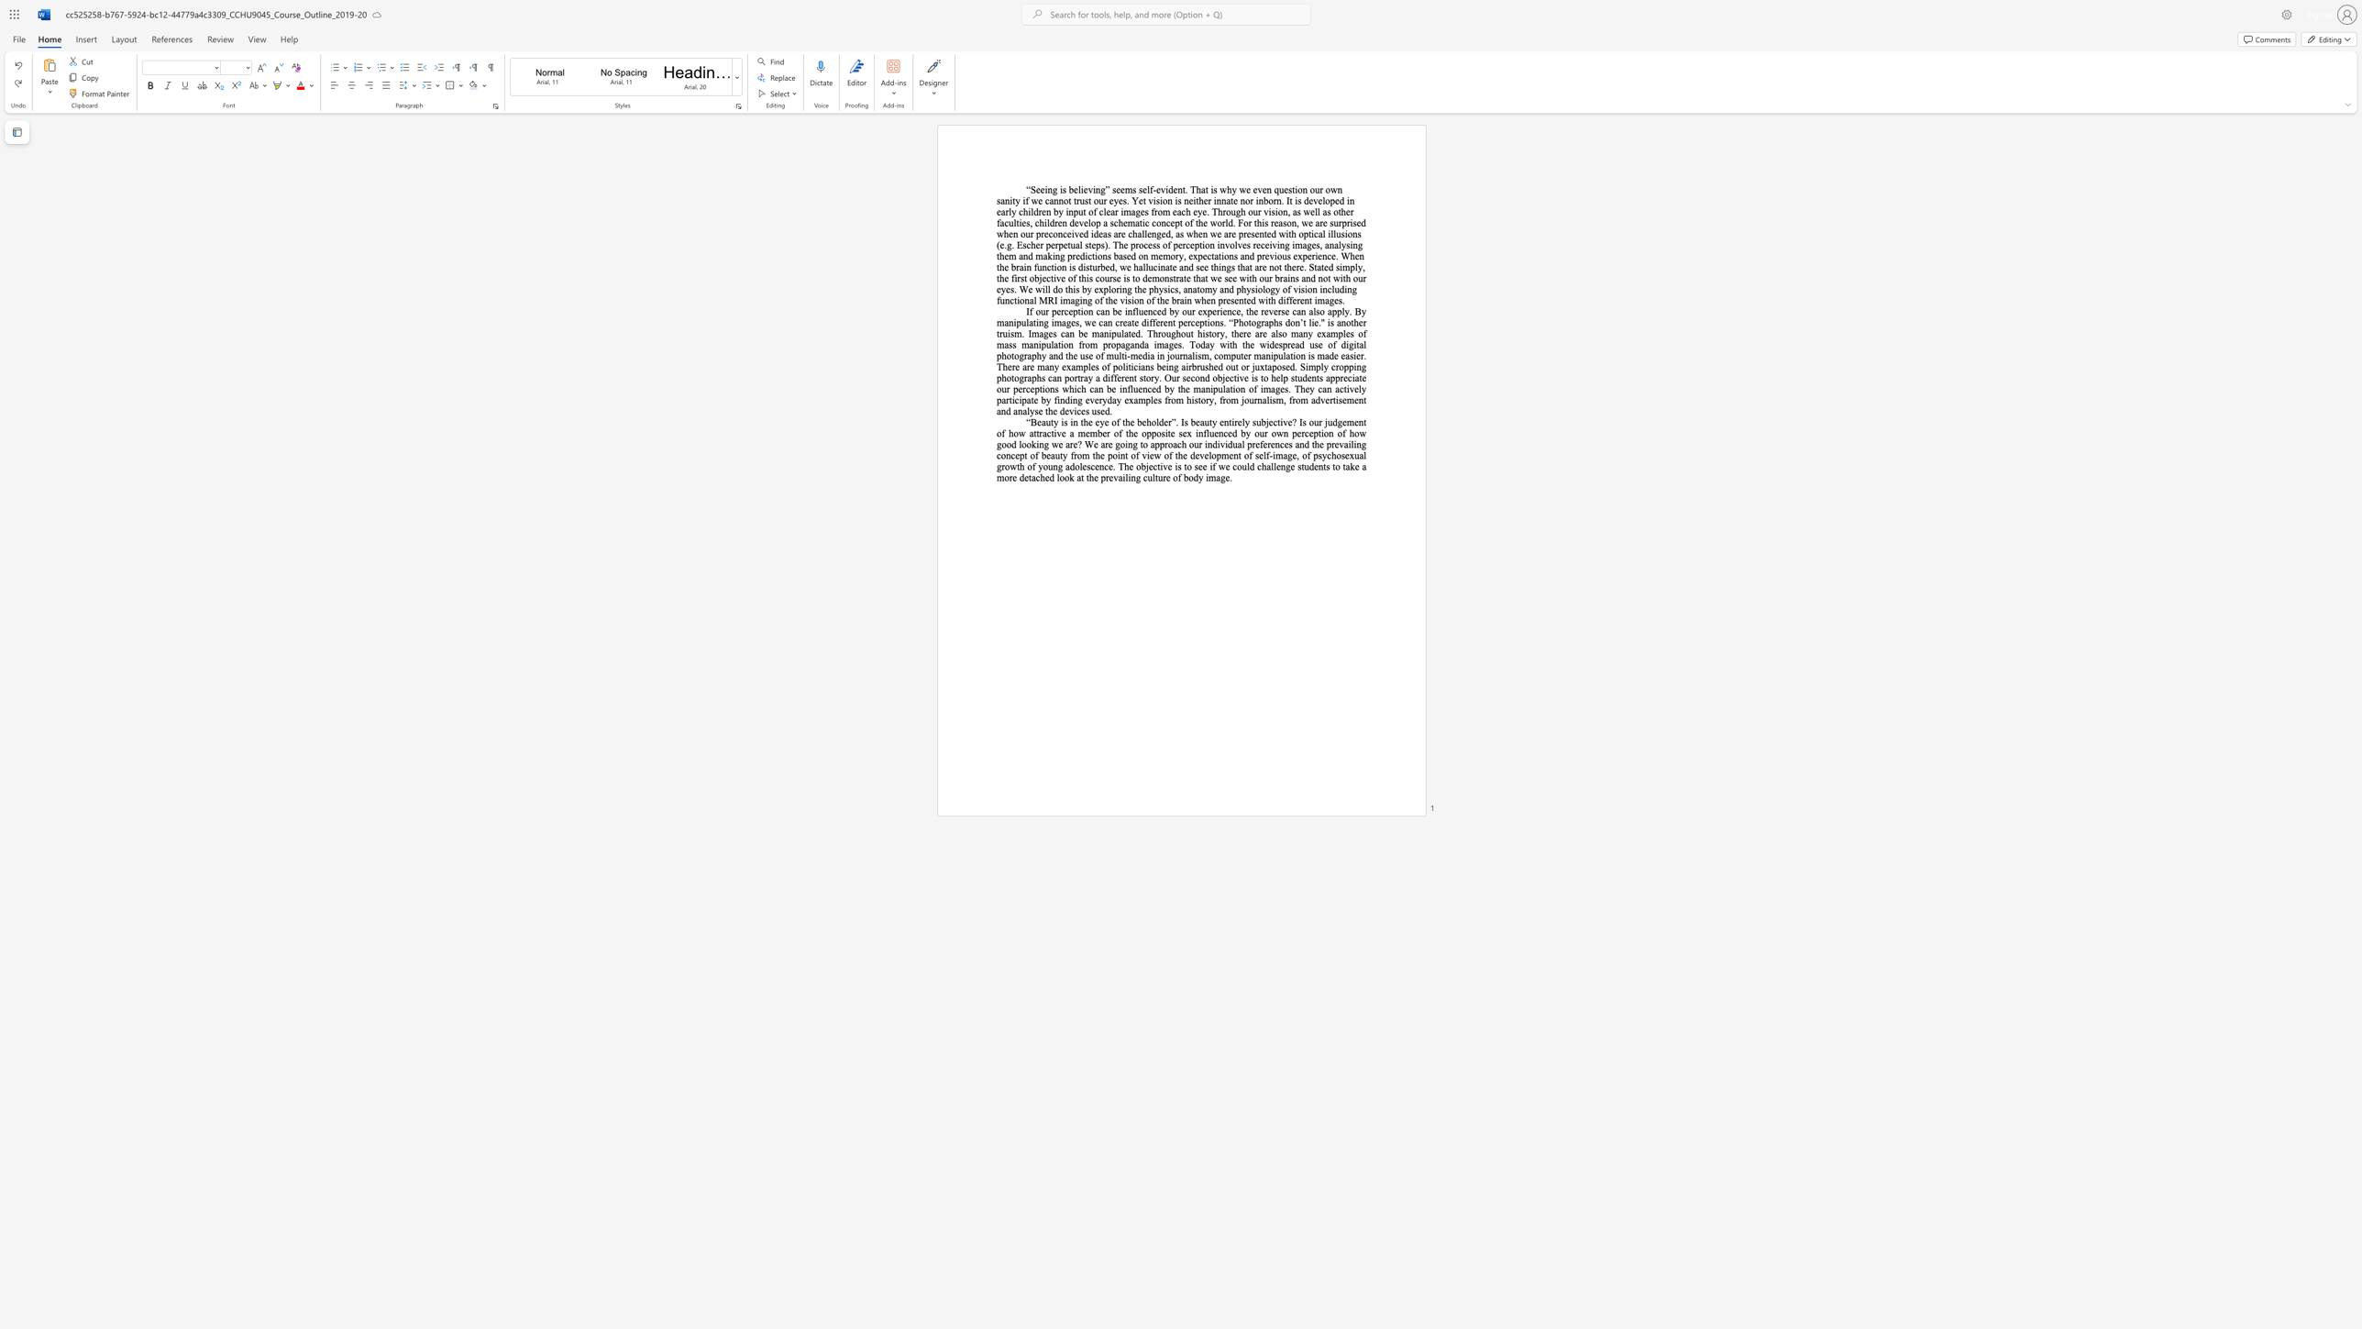  What do you see at coordinates (1240, 432) in the screenshot?
I see `the subset text "by our own perception of how good looking we are? We are going to approach our individual preferences and the prevailing concept of beauty from the point of view of the development of self-image, of psychosexual growth of young adolescence. The objective is to see if we could challenge students to take a more detached look at the prevai" within the text "“Beauty is in the eye of the beholder”. Is beauty entirely subjective? Is our judgement of how attractive a member of the opposite sex influenced by our own perception of how good looking we are? We are going to approach our individual preferences and the prevailing concept of beauty from the point of view of the development of self-image, of psychosexual growth of young adolescence. The objective is to see if we could challenge students to take a more detached look at the prevailing culture of body image."` at bounding box center [1240, 432].